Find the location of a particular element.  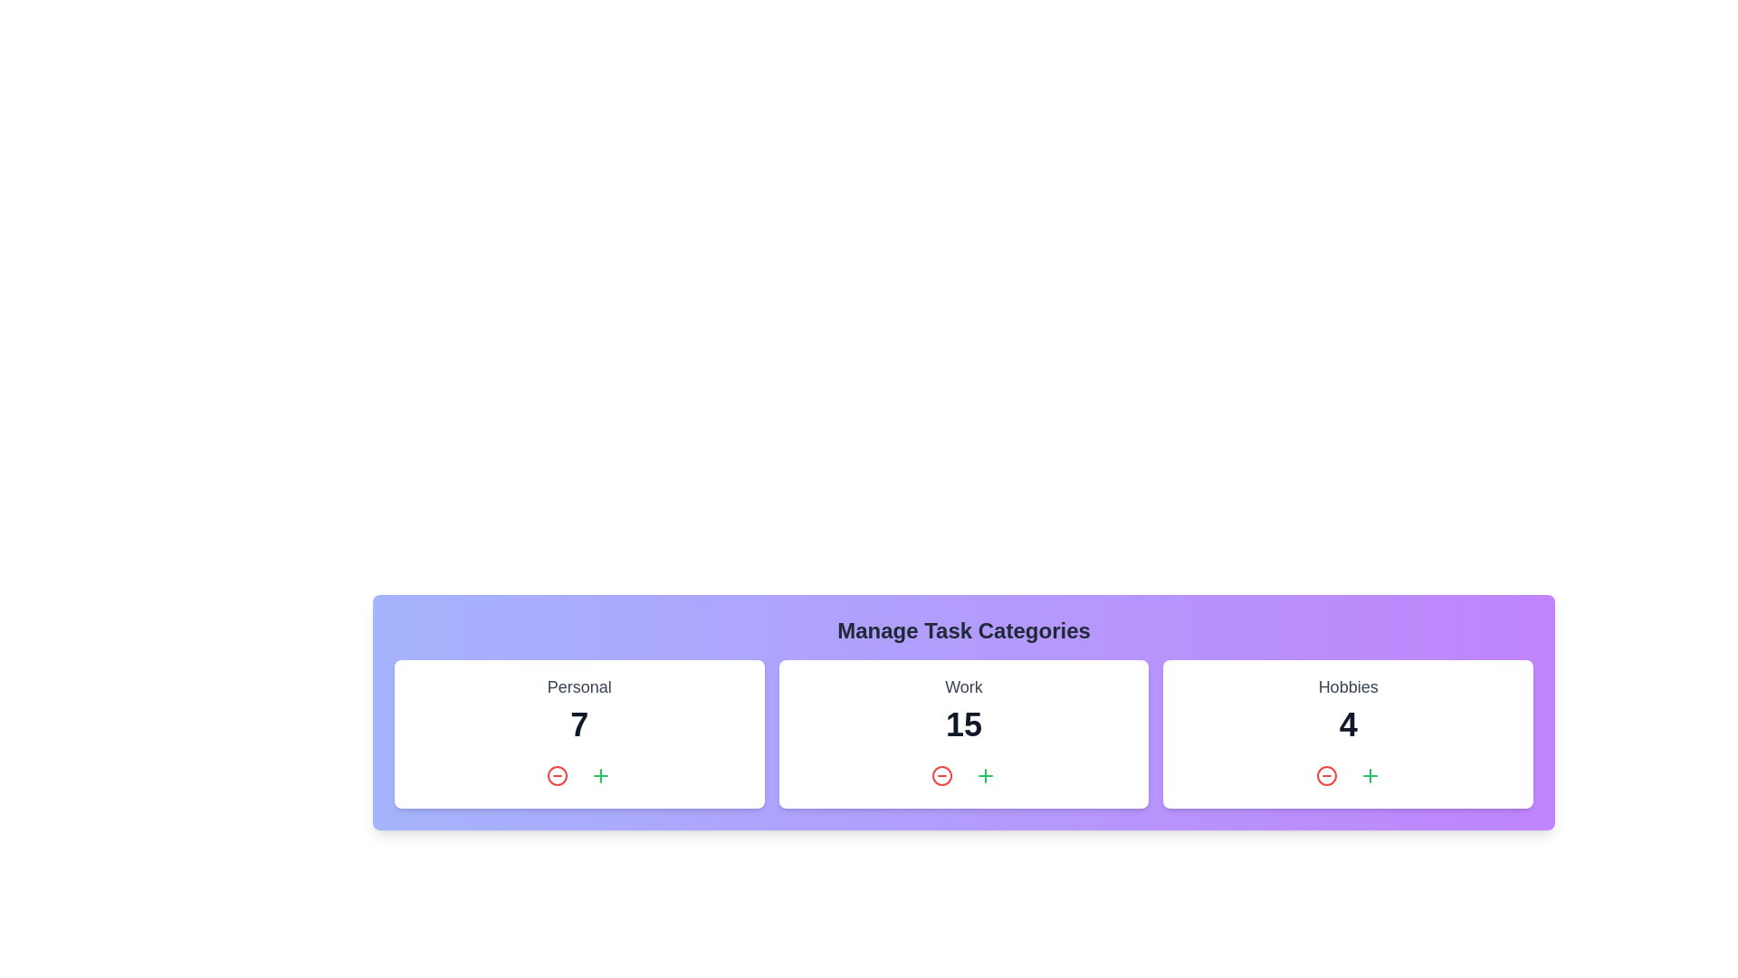

'Plus' button in the 'Personal' category to increase its task count is located at coordinates (601, 774).